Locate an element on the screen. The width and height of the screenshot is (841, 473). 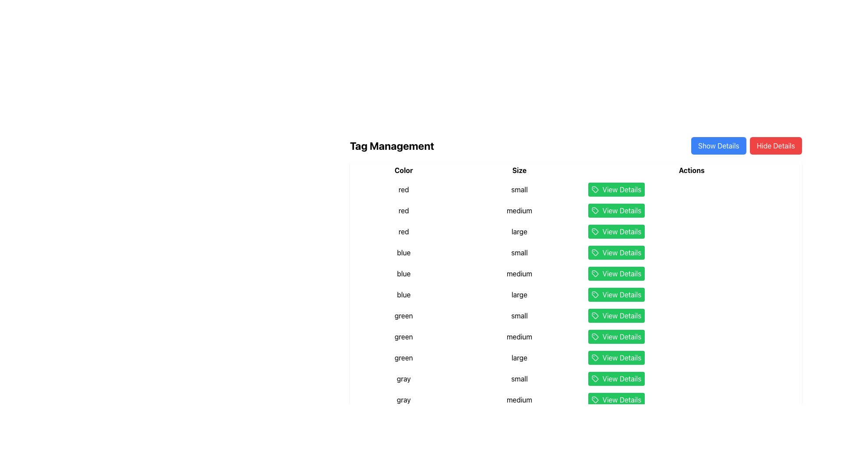
static text label displaying the attribute 'red' in the color-size table using developer tools is located at coordinates (403, 189).